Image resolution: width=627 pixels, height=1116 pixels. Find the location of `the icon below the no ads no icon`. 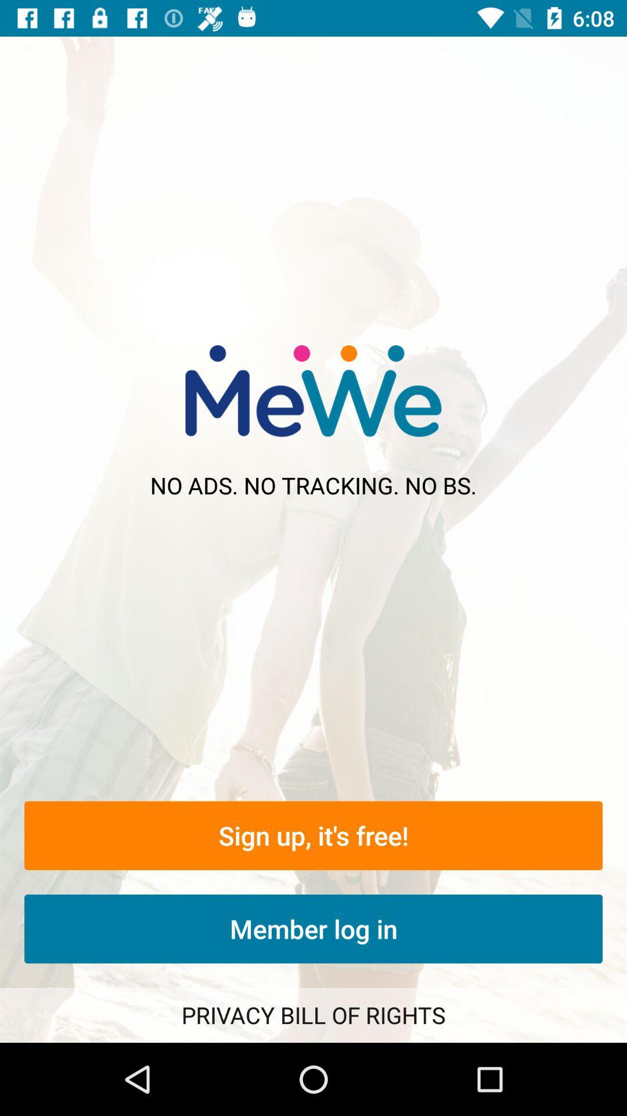

the icon below the no ads no icon is located at coordinates (313, 835).